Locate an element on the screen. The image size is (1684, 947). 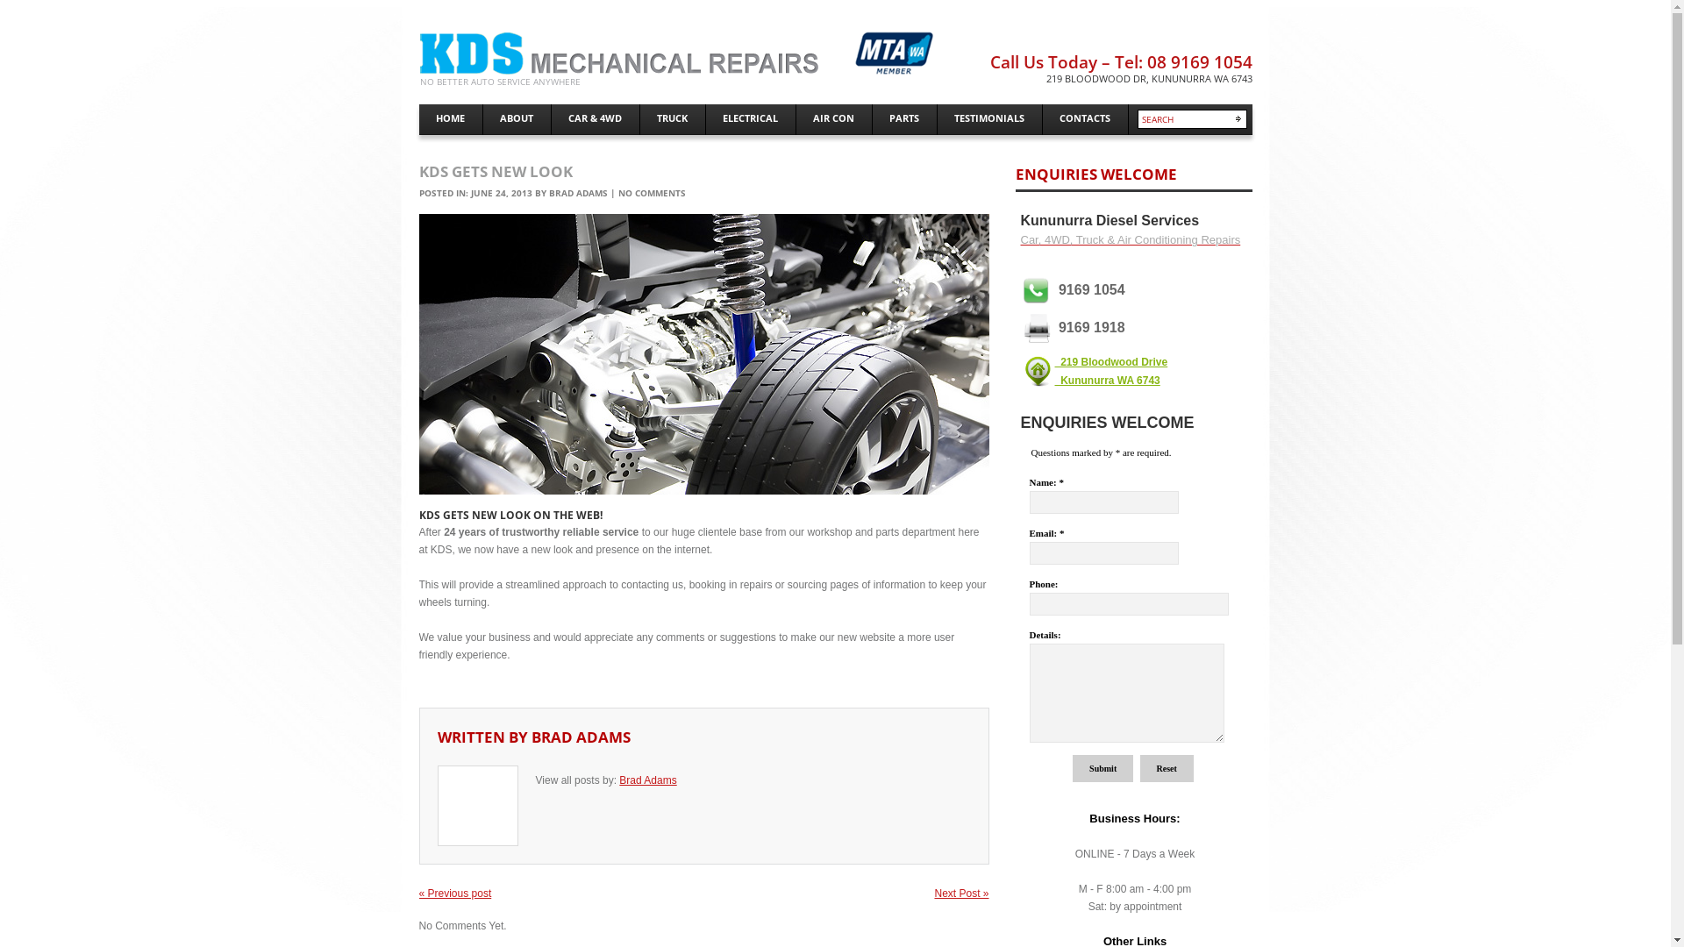
'CONTACTS' is located at coordinates (1083, 118).